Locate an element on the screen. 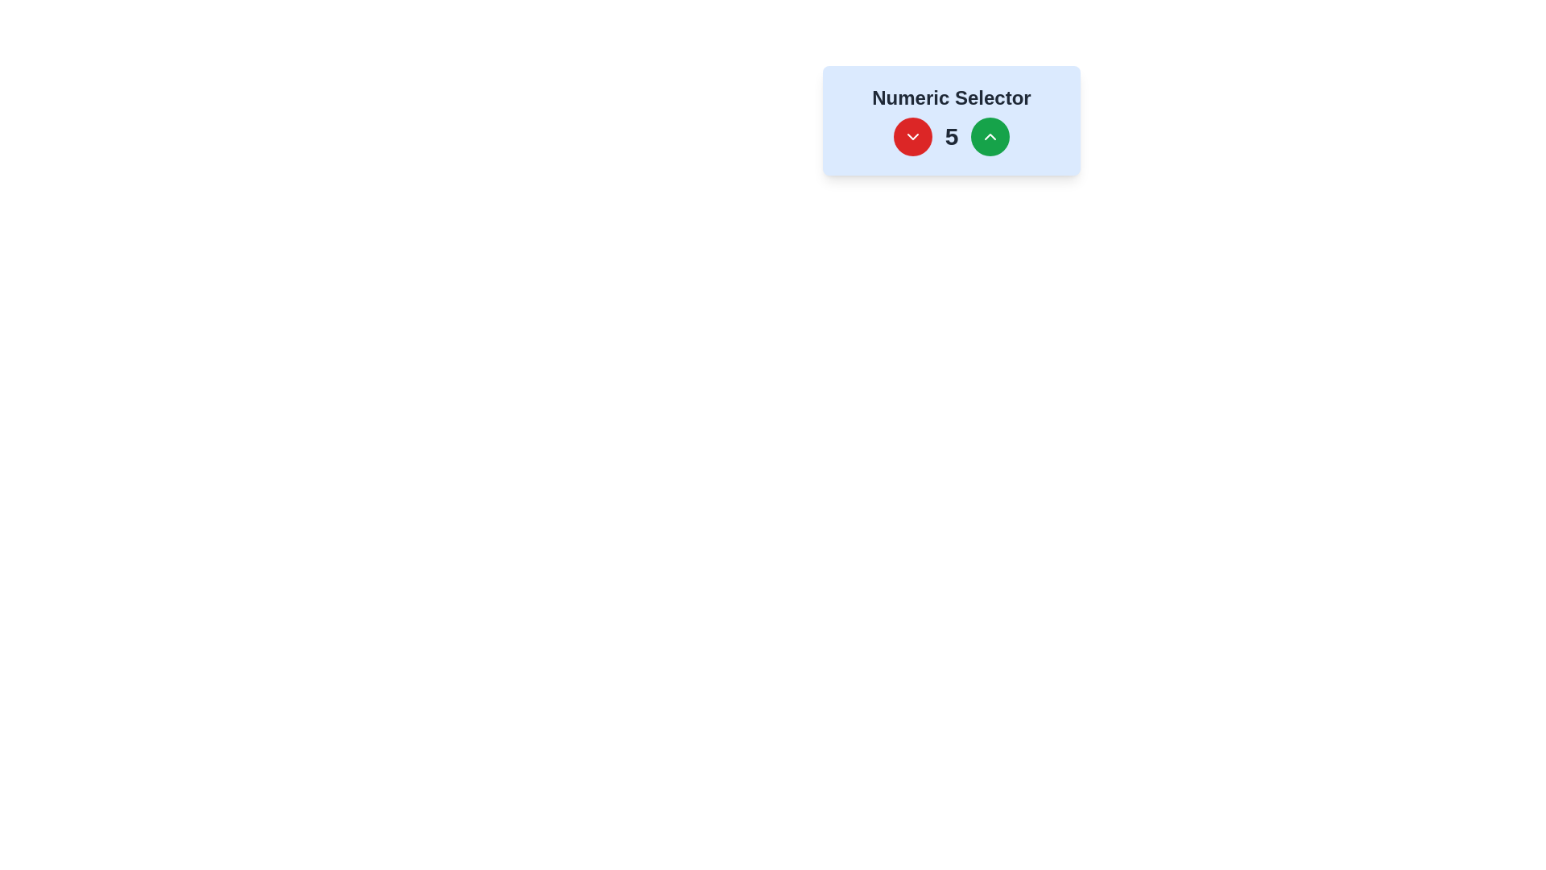 This screenshot has width=1546, height=870. the Icon button (decrement control) located to the left of the numeric value '5' is located at coordinates (912, 135).